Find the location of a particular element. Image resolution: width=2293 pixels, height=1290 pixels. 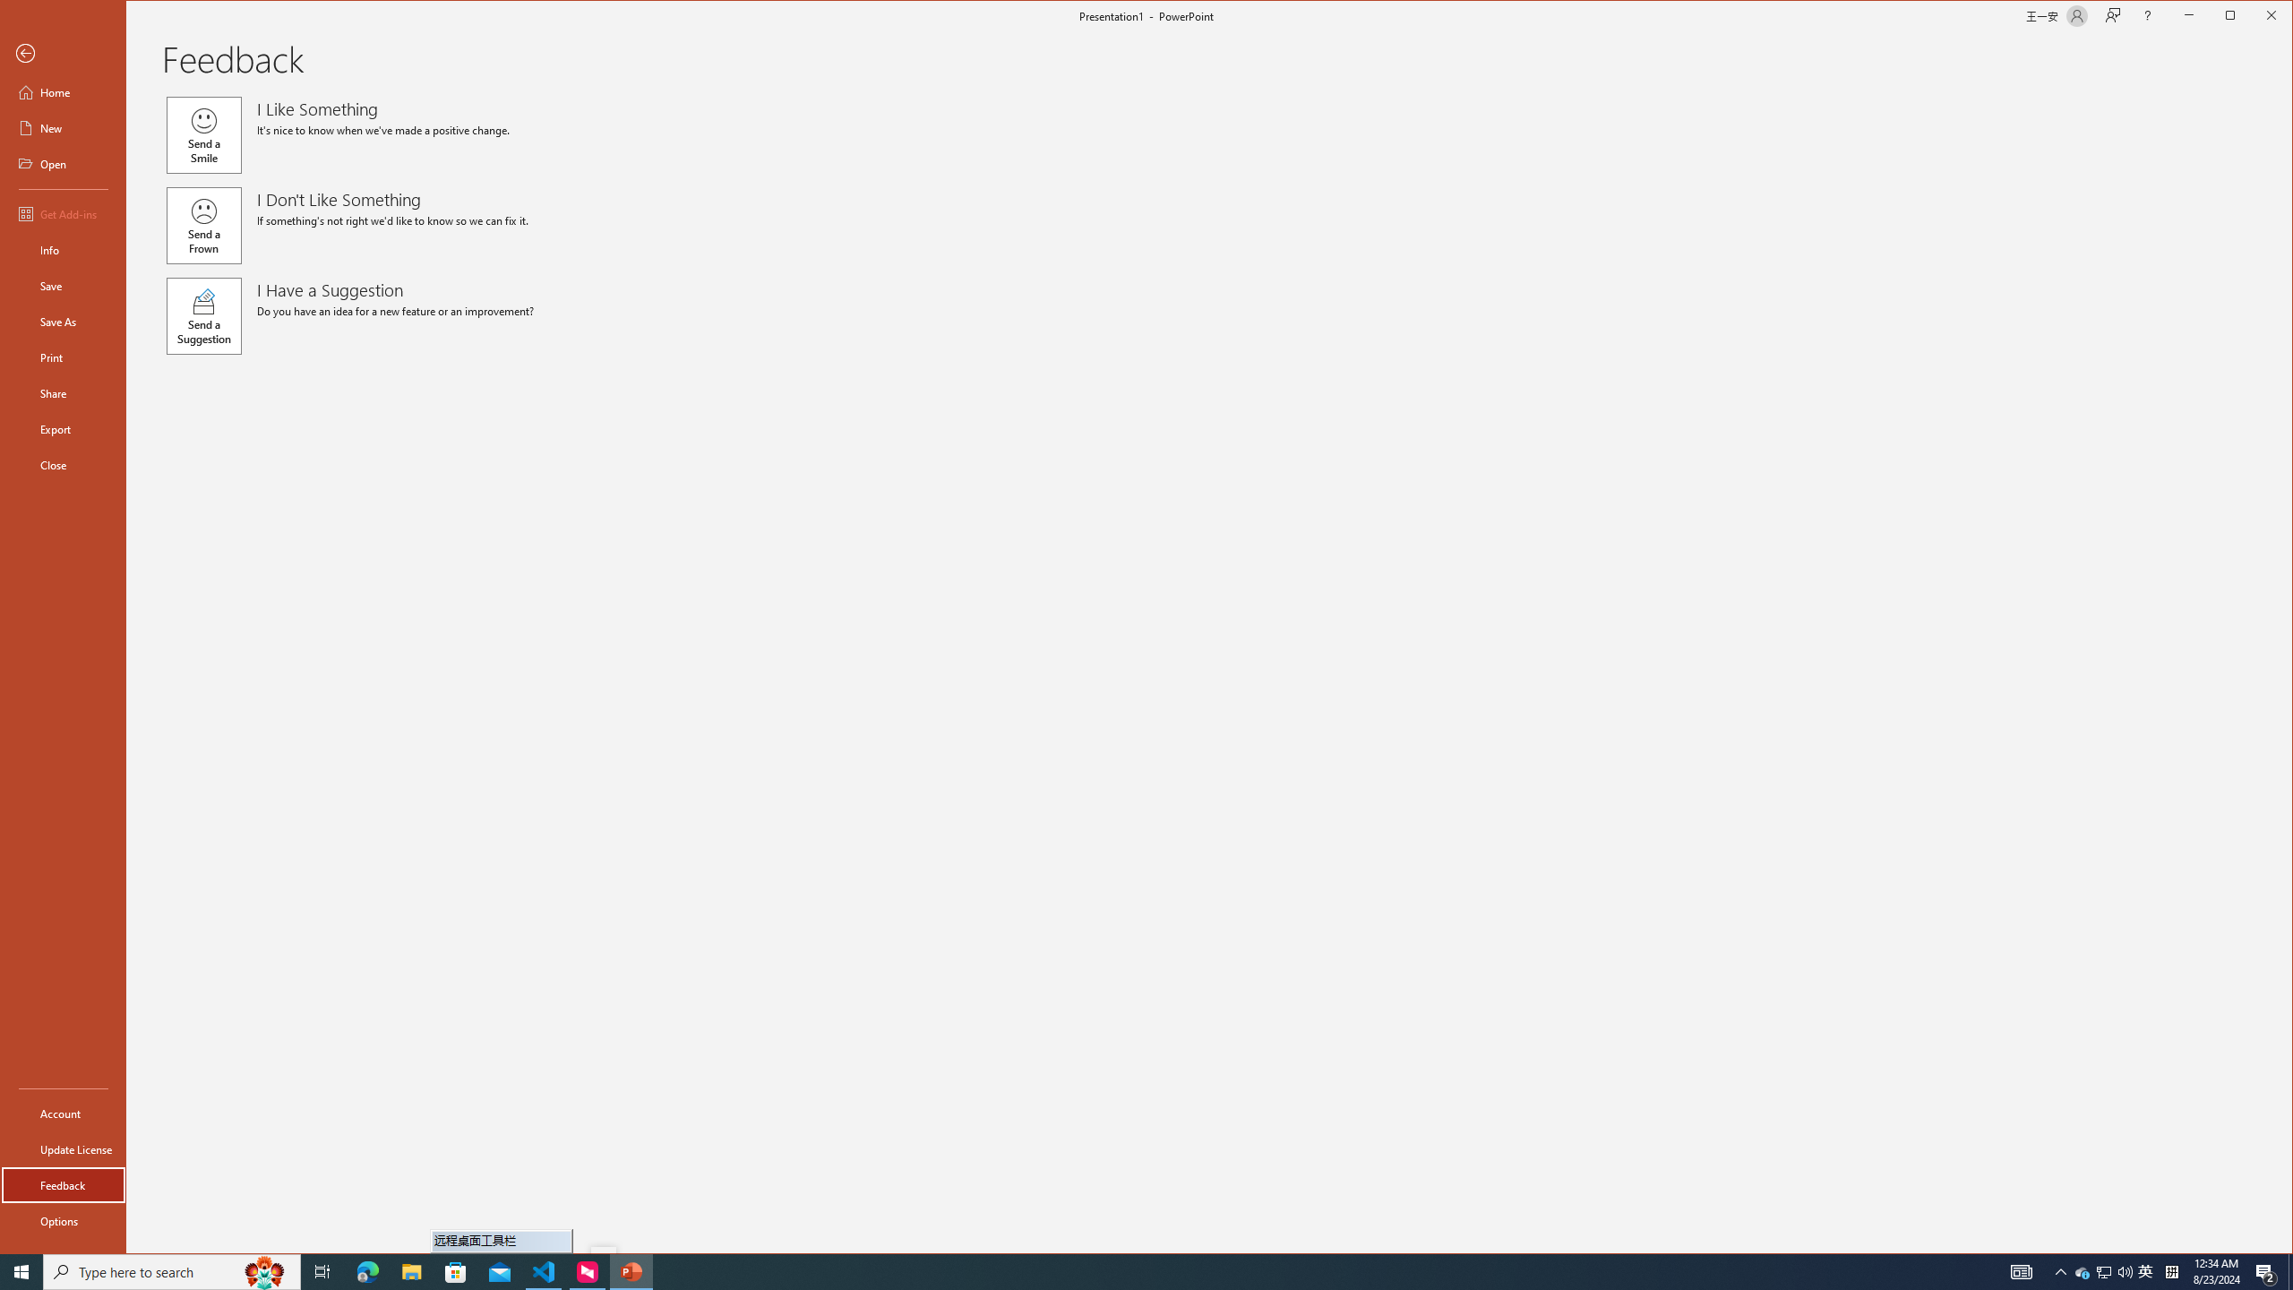

'Notification Chevron' is located at coordinates (2060, 1270).